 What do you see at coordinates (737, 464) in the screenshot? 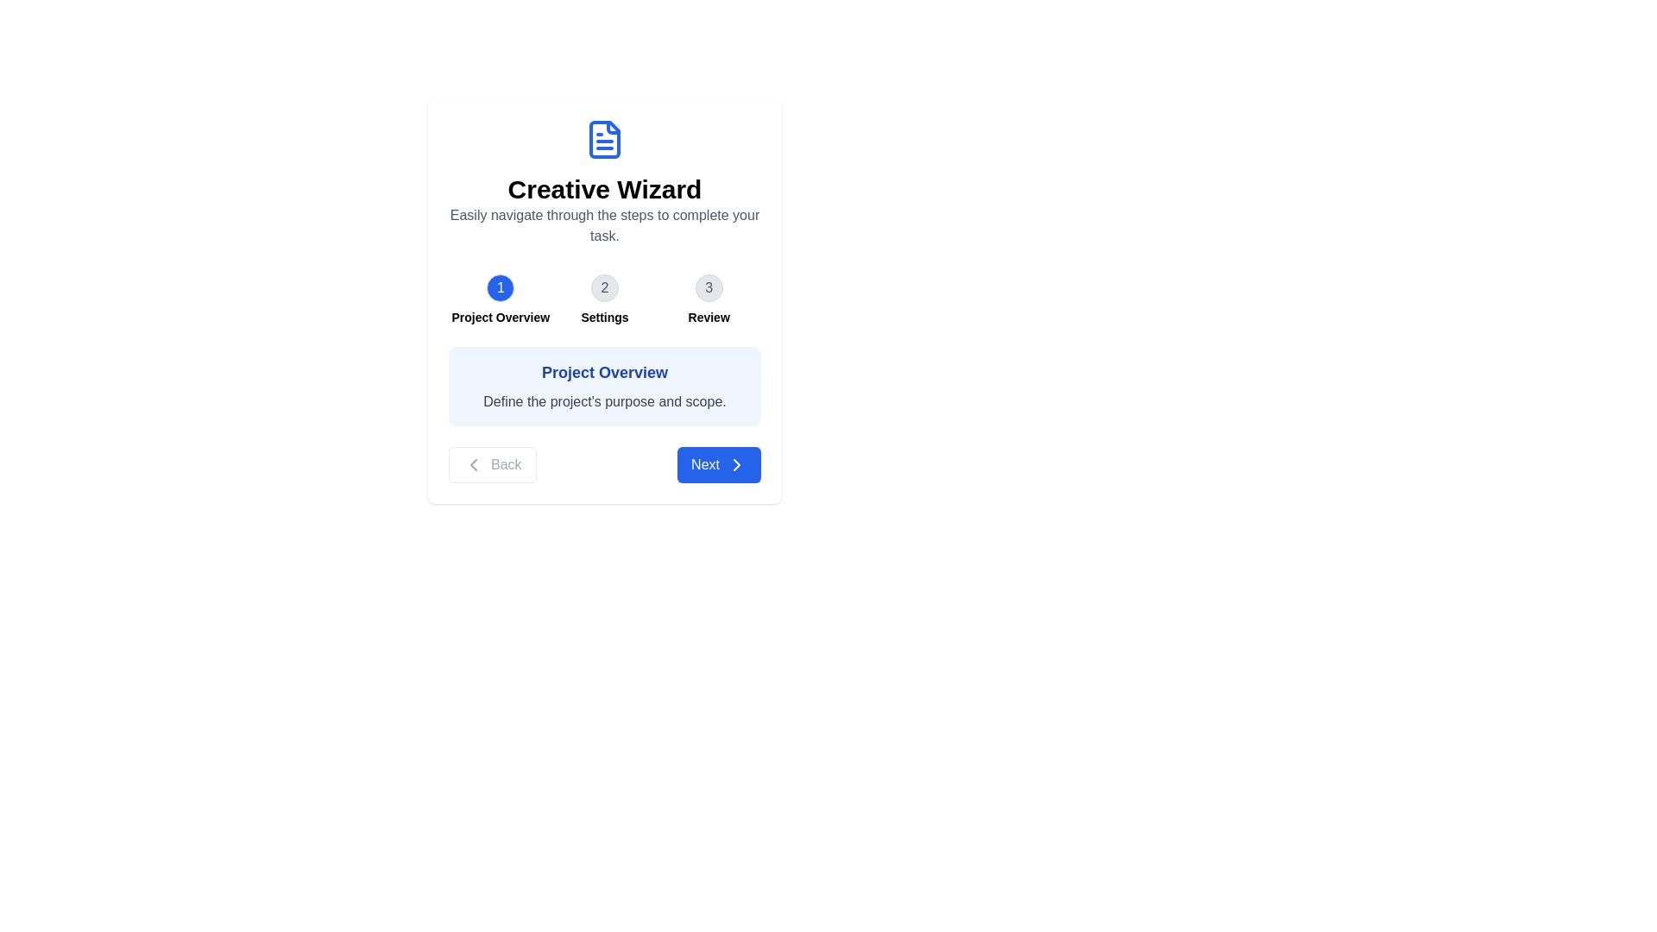
I see `the rightward-pointing arrow icon styled as a vector graphic within the blue rectangular button labeled 'Next'` at bounding box center [737, 464].